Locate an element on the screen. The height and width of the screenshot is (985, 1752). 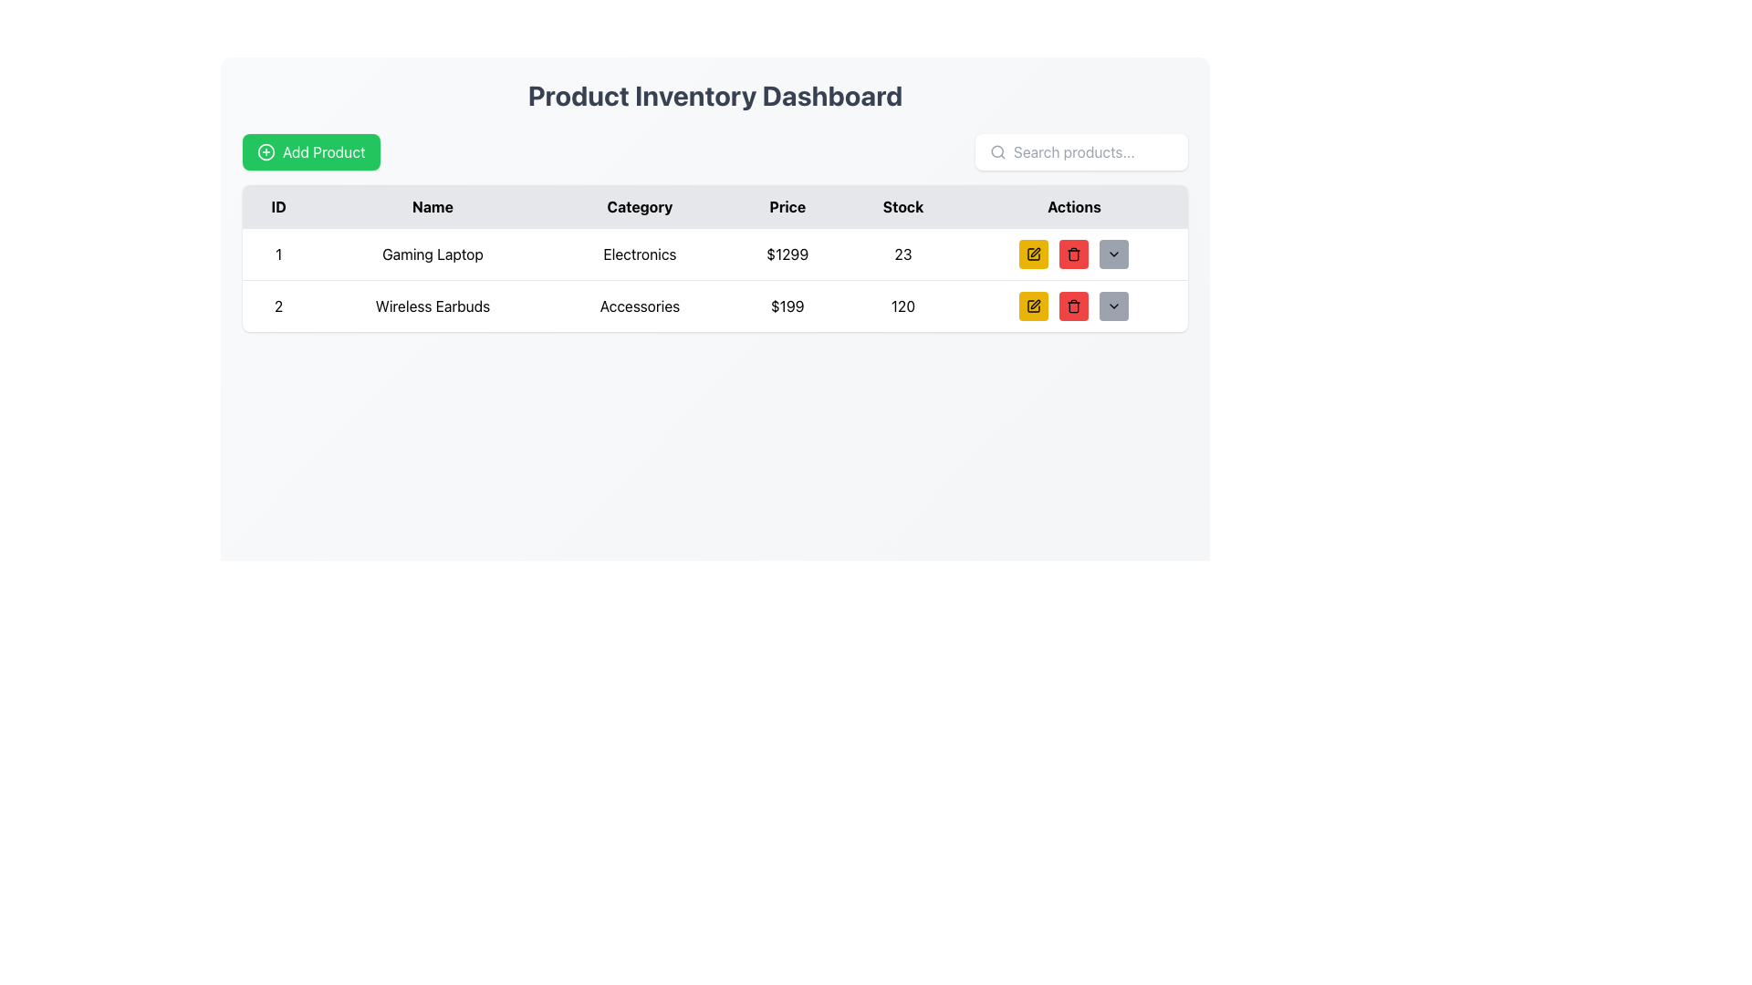
the toggle actions button, which is the fourth interactive element in the 'Actions' column of the second table row, located to the right of the yellow edit button and red delete button is located at coordinates (1112, 305).